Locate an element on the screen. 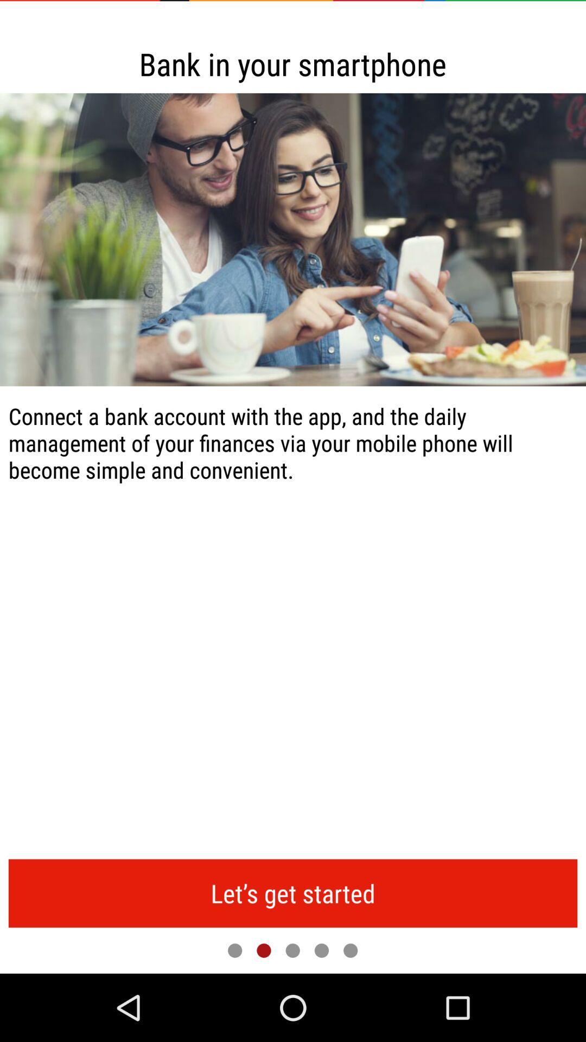 Image resolution: width=586 pixels, height=1042 pixels. change page is located at coordinates (292, 950).